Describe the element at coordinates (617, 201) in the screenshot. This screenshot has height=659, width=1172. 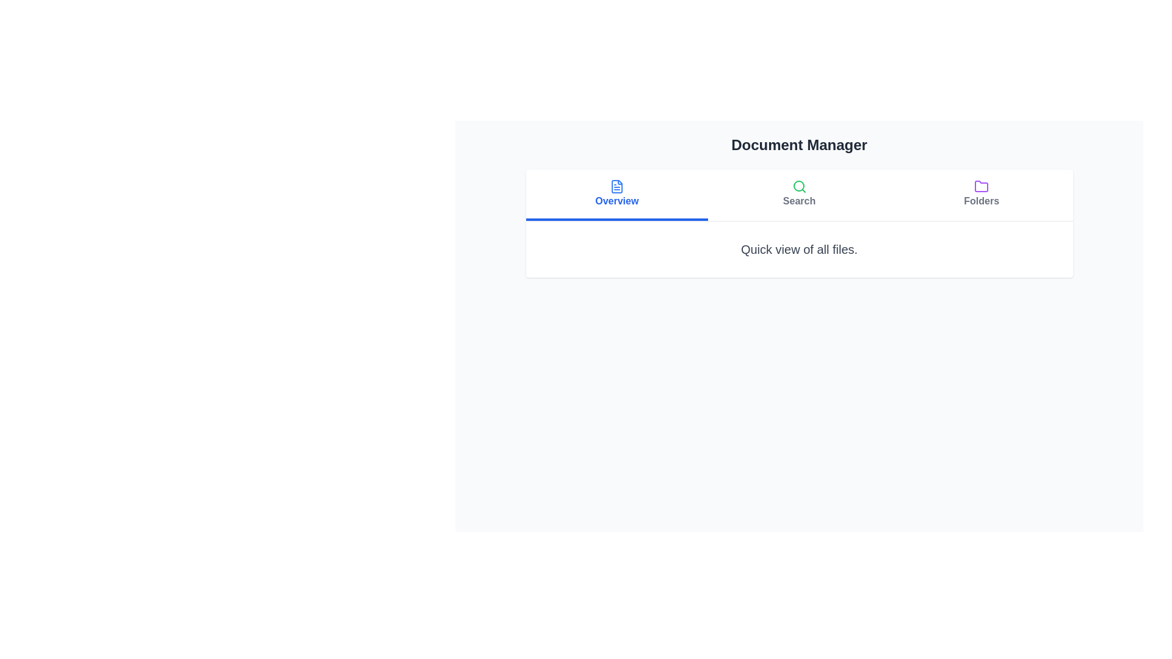
I see `the text label reading 'Overview', which is styled in blue and located directly below a document icon` at that location.